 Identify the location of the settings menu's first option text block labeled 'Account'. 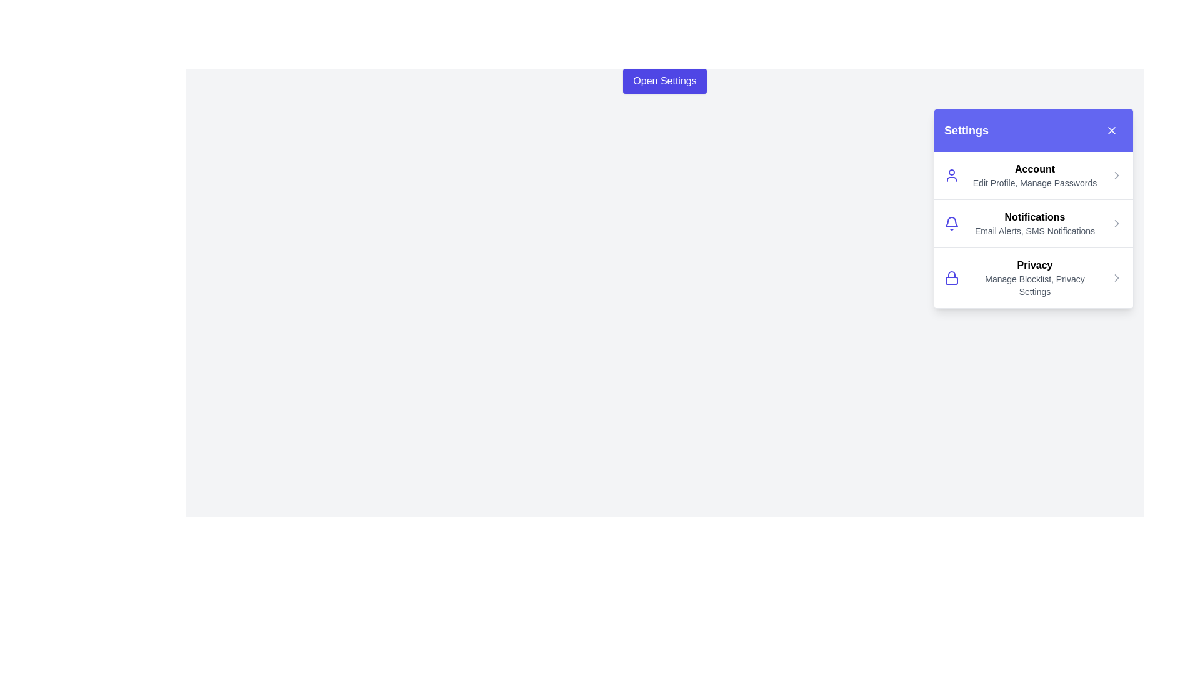
(1035, 176).